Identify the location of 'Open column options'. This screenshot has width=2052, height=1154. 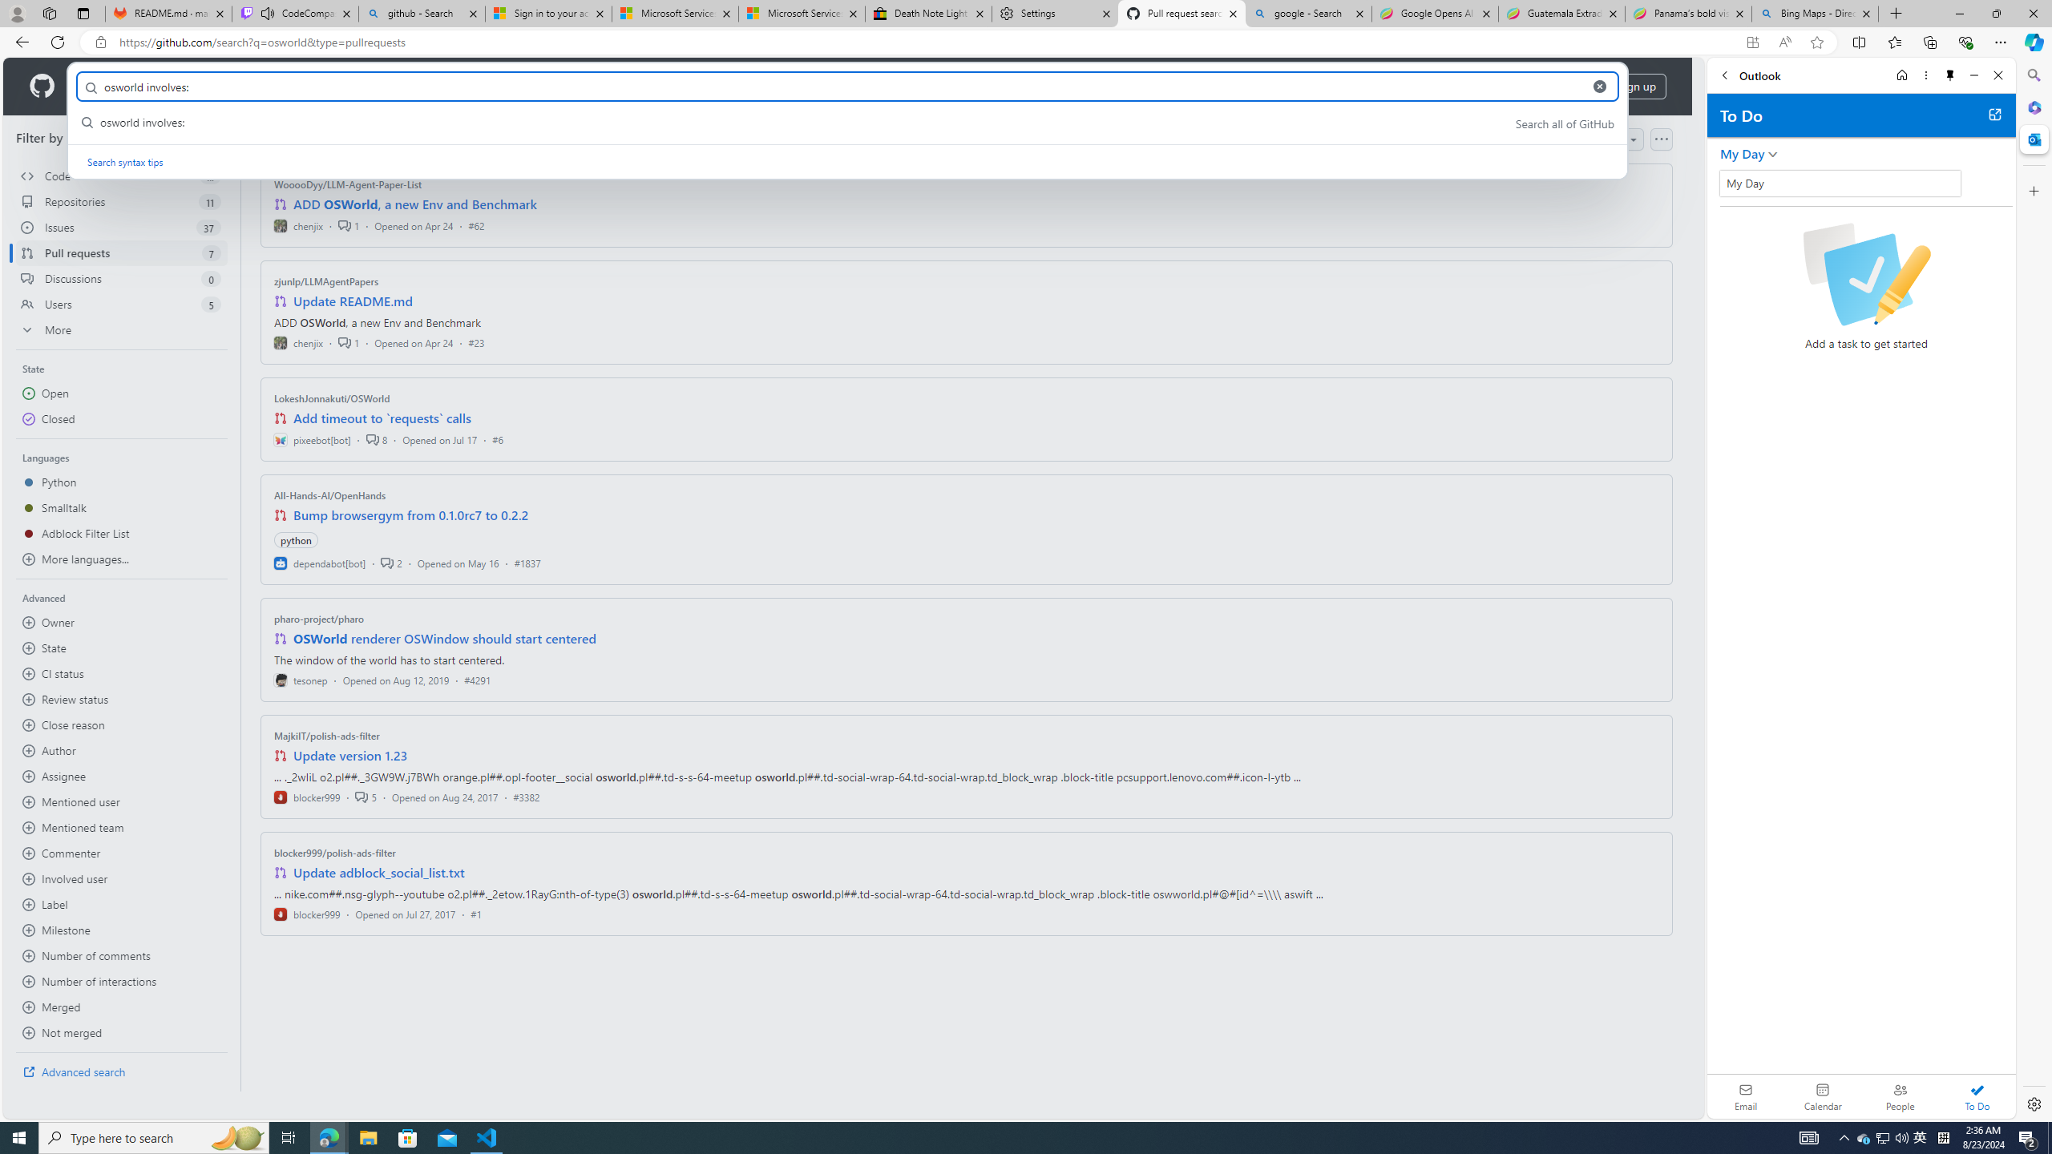
(1660, 139).